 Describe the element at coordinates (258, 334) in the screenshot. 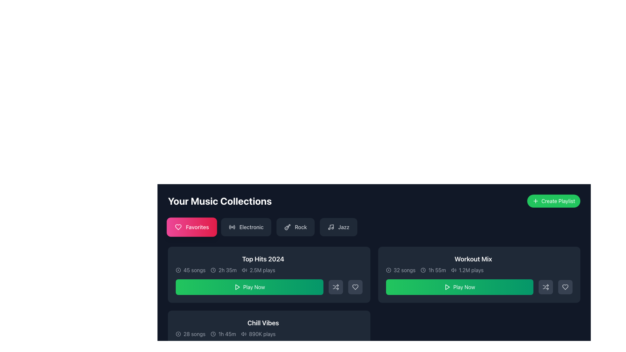

I see `the text element that reads '890K plays', which is accompanied by a small speaker icon, located in the lower-right corner of the 'Chill Vibes' section` at that location.